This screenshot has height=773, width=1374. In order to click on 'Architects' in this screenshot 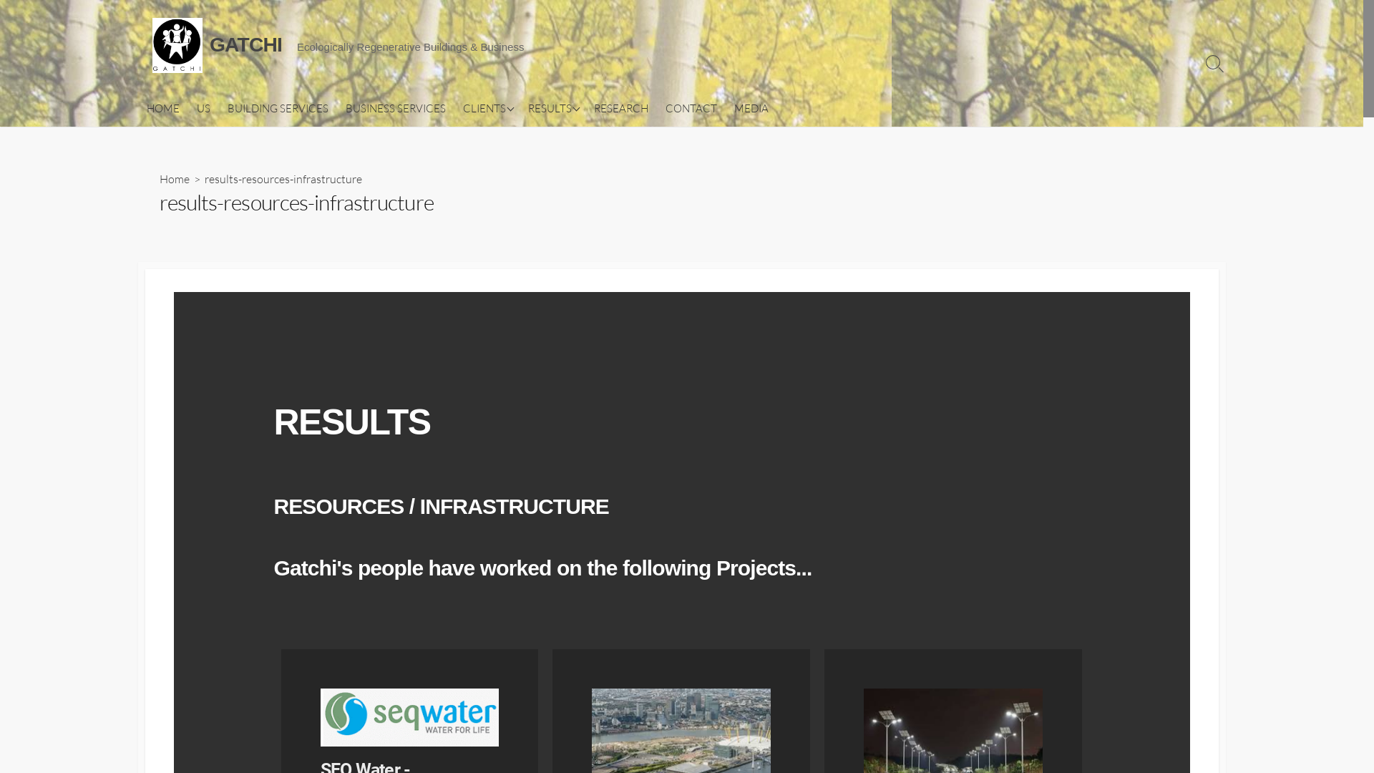, I will do `click(590, 157)`.